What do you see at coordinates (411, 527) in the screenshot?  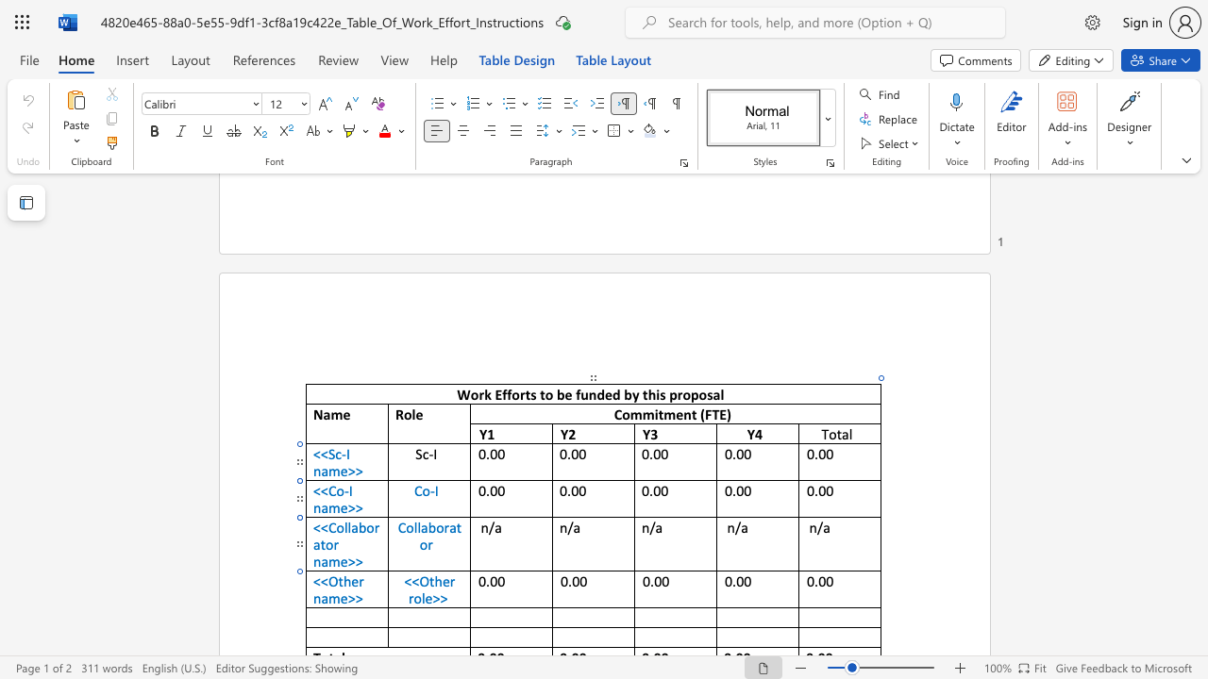 I see `the space between the continuous character "o" and "l" in the text` at bounding box center [411, 527].